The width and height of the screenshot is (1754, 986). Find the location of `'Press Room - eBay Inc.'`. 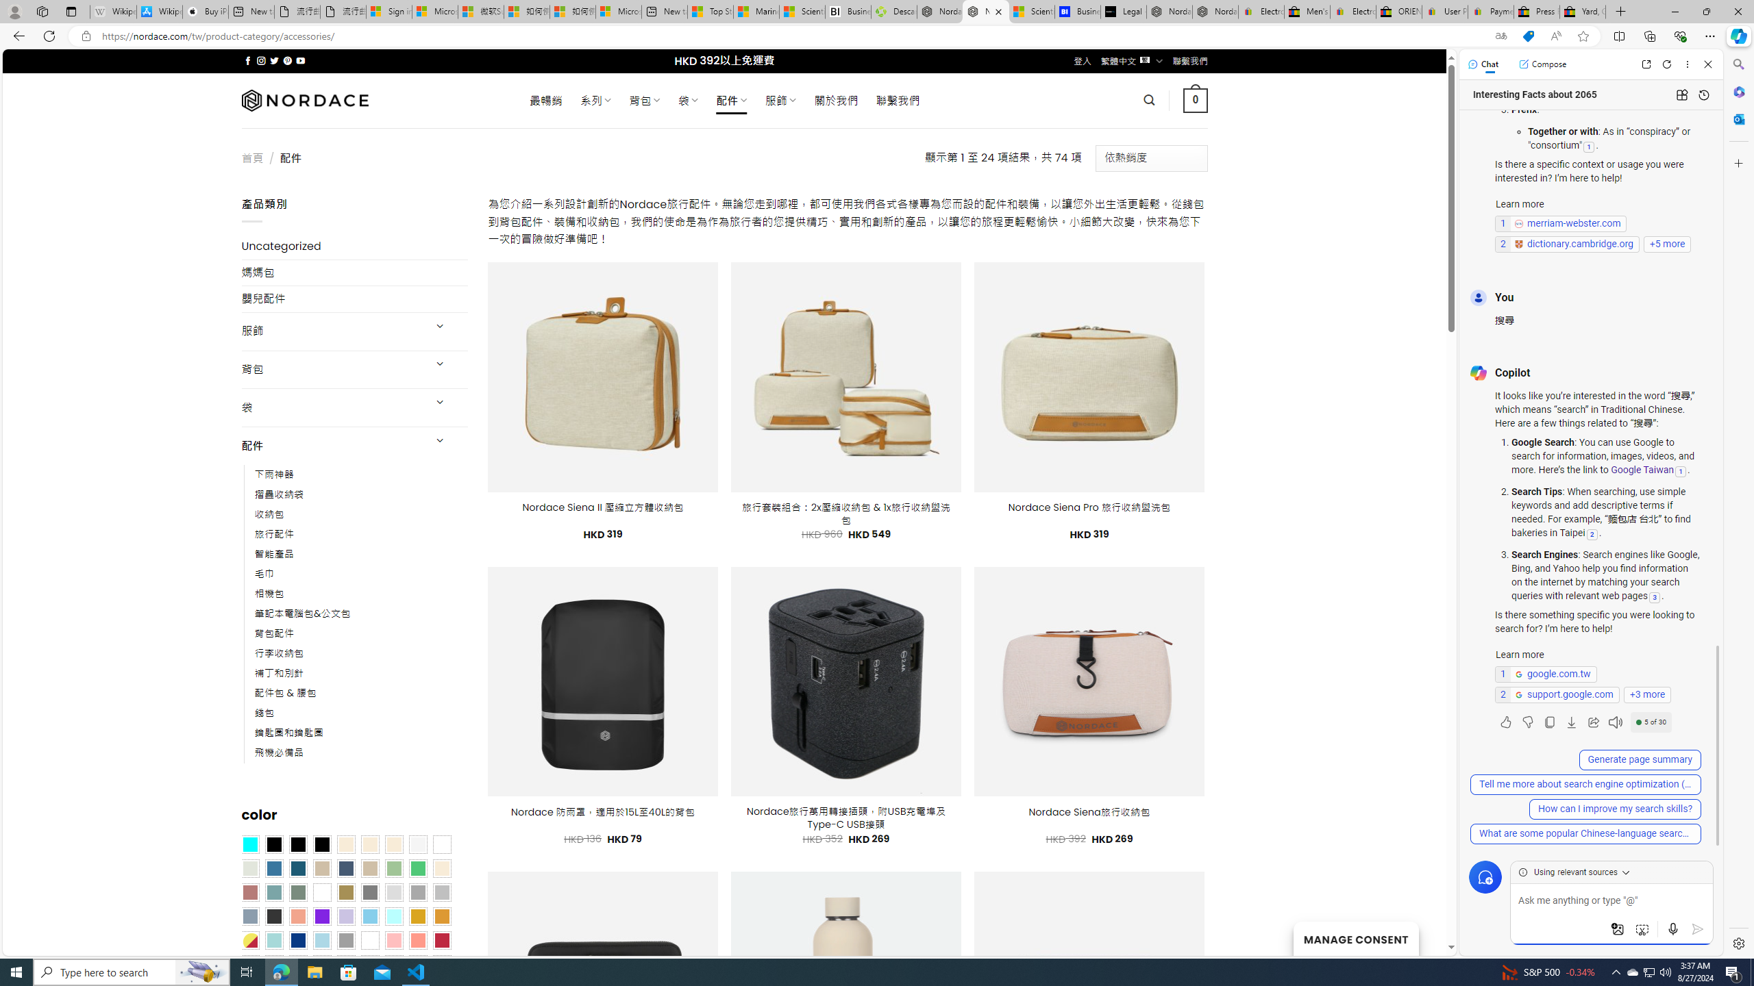

'Press Room - eBay Inc.' is located at coordinates (1536, 11).